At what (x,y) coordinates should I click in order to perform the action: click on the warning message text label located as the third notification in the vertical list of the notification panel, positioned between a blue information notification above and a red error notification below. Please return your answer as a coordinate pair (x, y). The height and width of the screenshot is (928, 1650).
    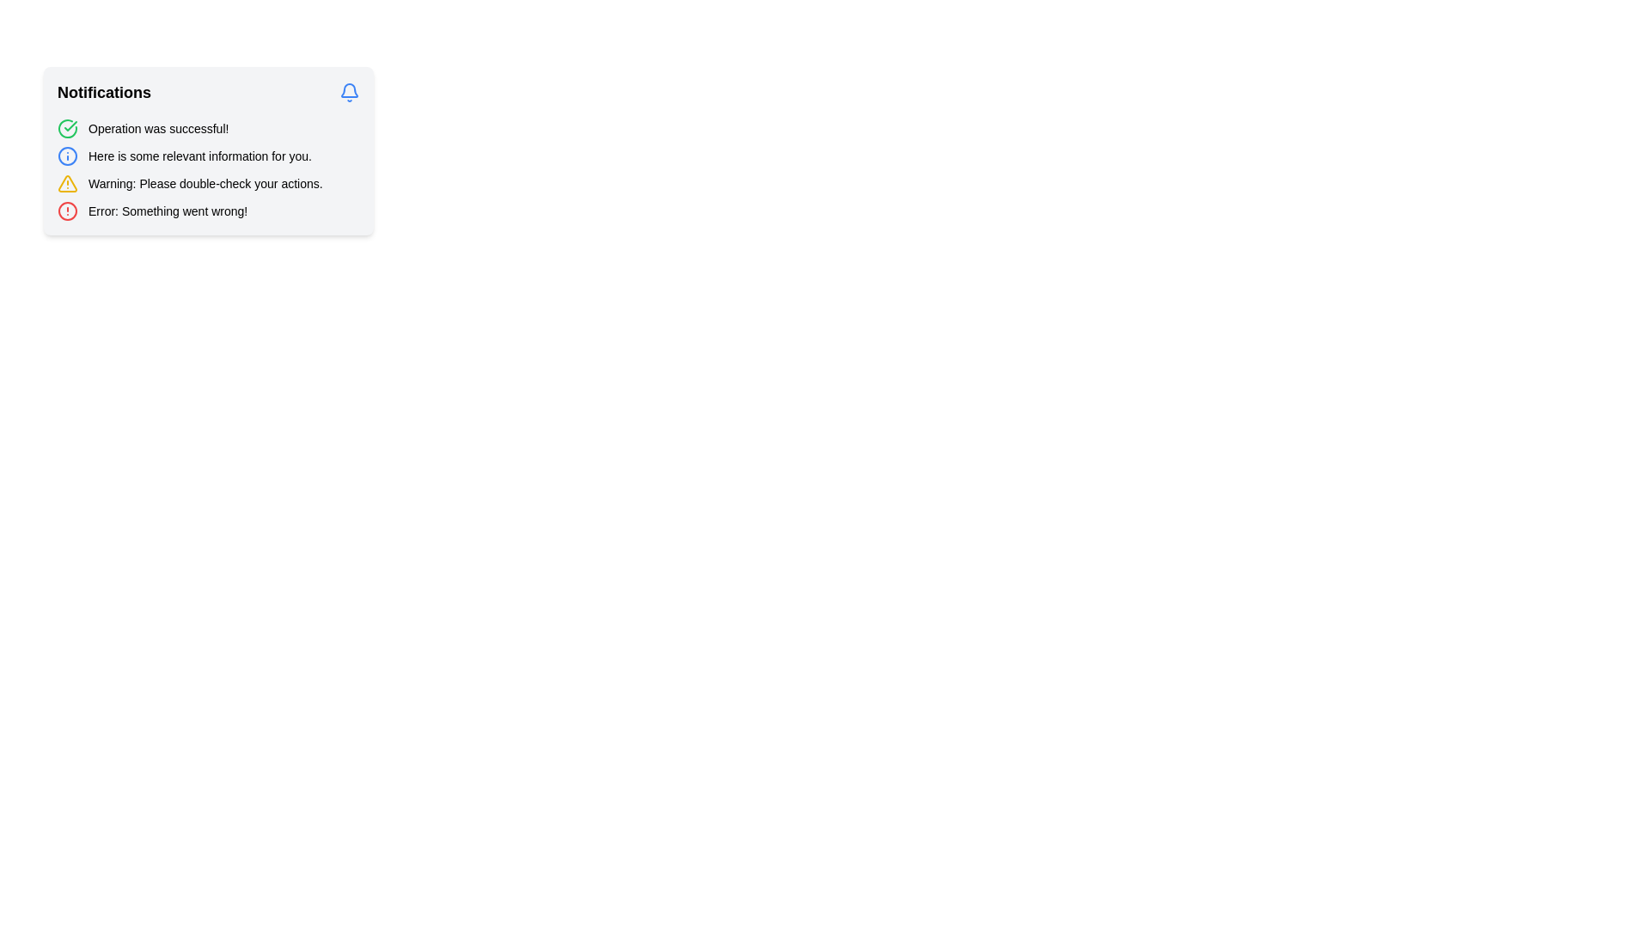
    Looking at the image, I should click on (205, 183).